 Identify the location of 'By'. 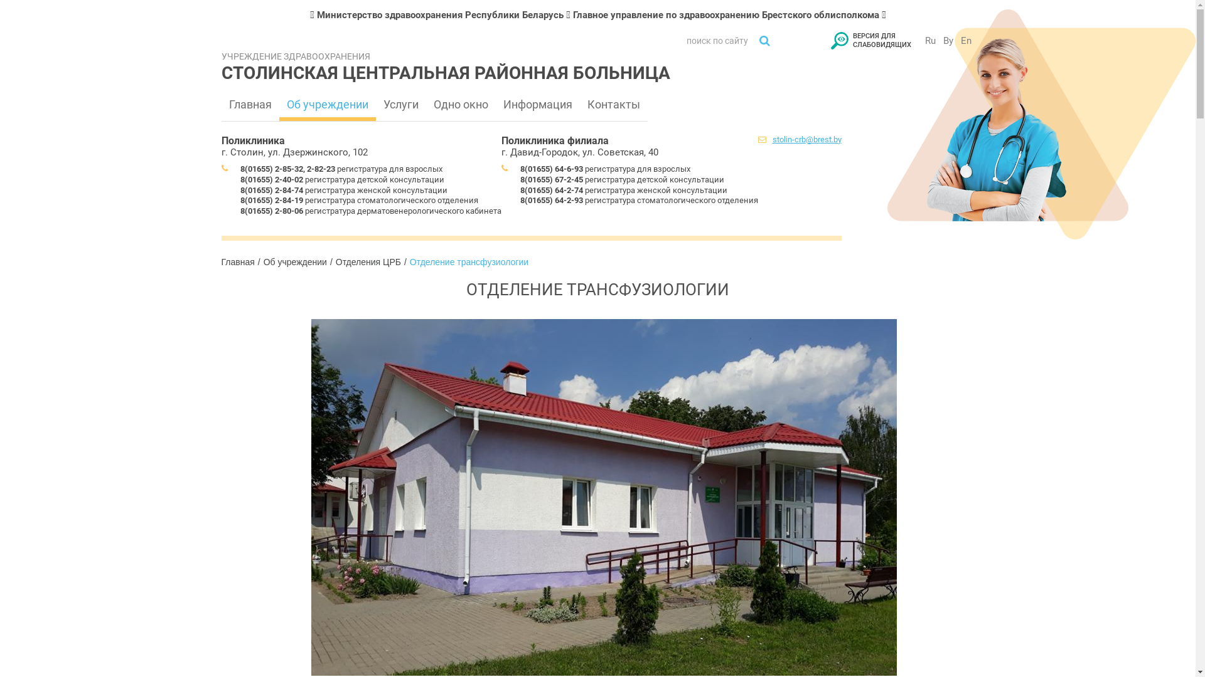
(948, 40).